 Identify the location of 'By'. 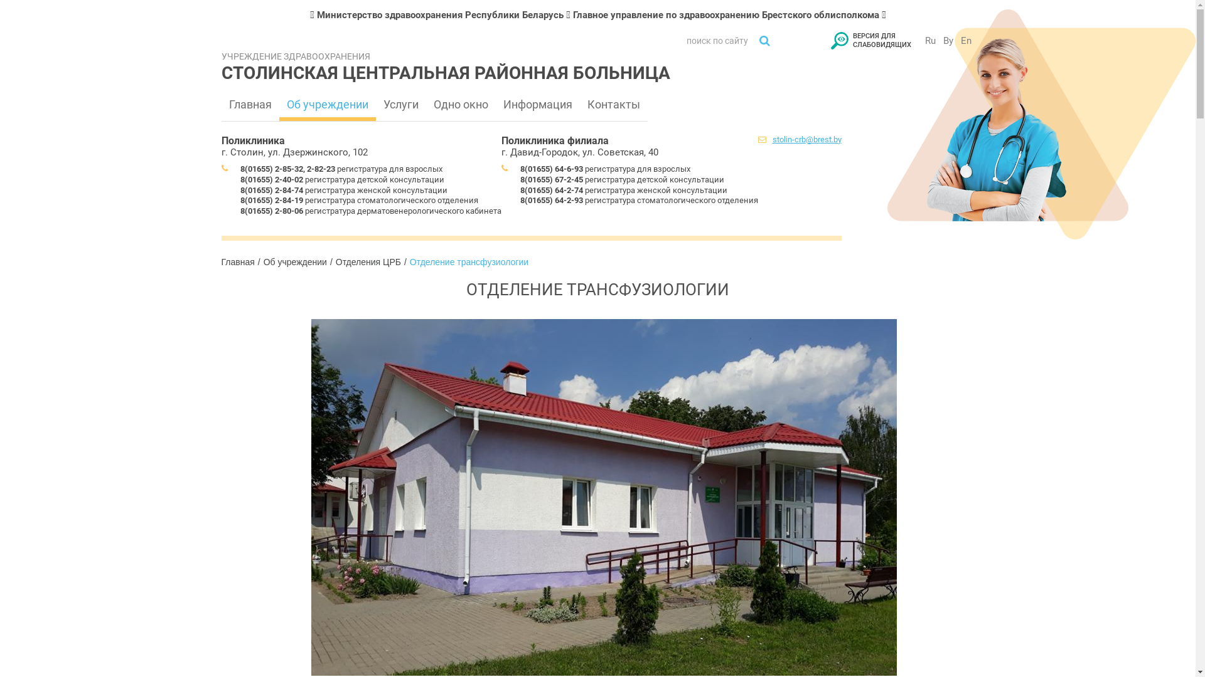
(948, 40).